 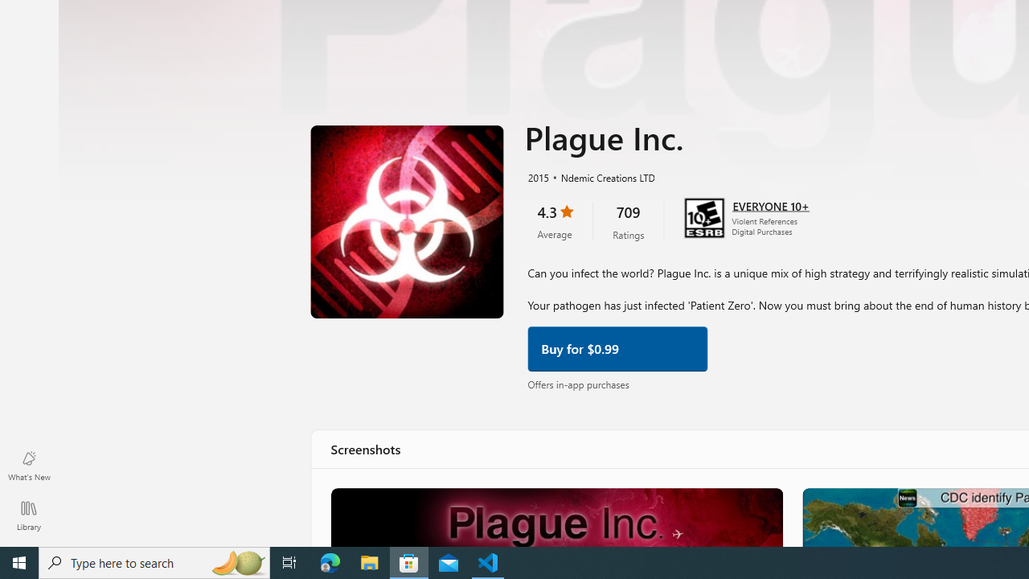 What do you see at coordinates (769, 203) in the screenshot?
I see `'Age rating: EVERYONE 10+. Click for more information.'` at bounding box center [769, 203].